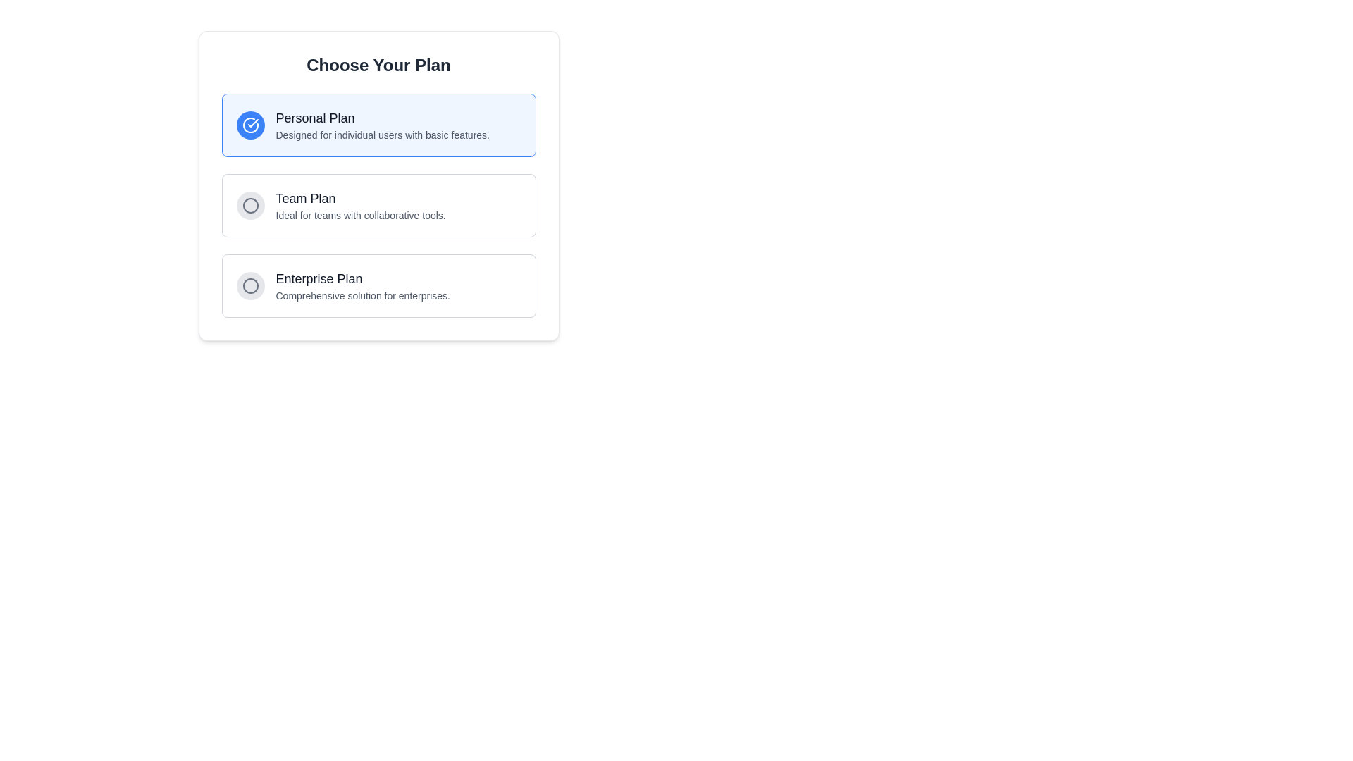 Image resolution: width=1353 pixels, height=761 pixels. Describe the element at coordinates (361, 215) in the screenshot. I see `text string "Ideal for teams with collaborative tools." located directly below the heading "Team Plan" in the plan selection list` at that location.